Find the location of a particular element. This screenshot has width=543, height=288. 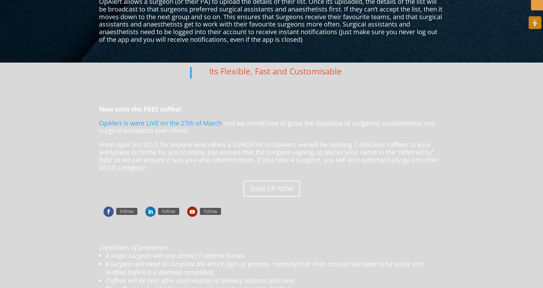

'Now onto the FREE coffee!' is located at coordinates (140, 108).